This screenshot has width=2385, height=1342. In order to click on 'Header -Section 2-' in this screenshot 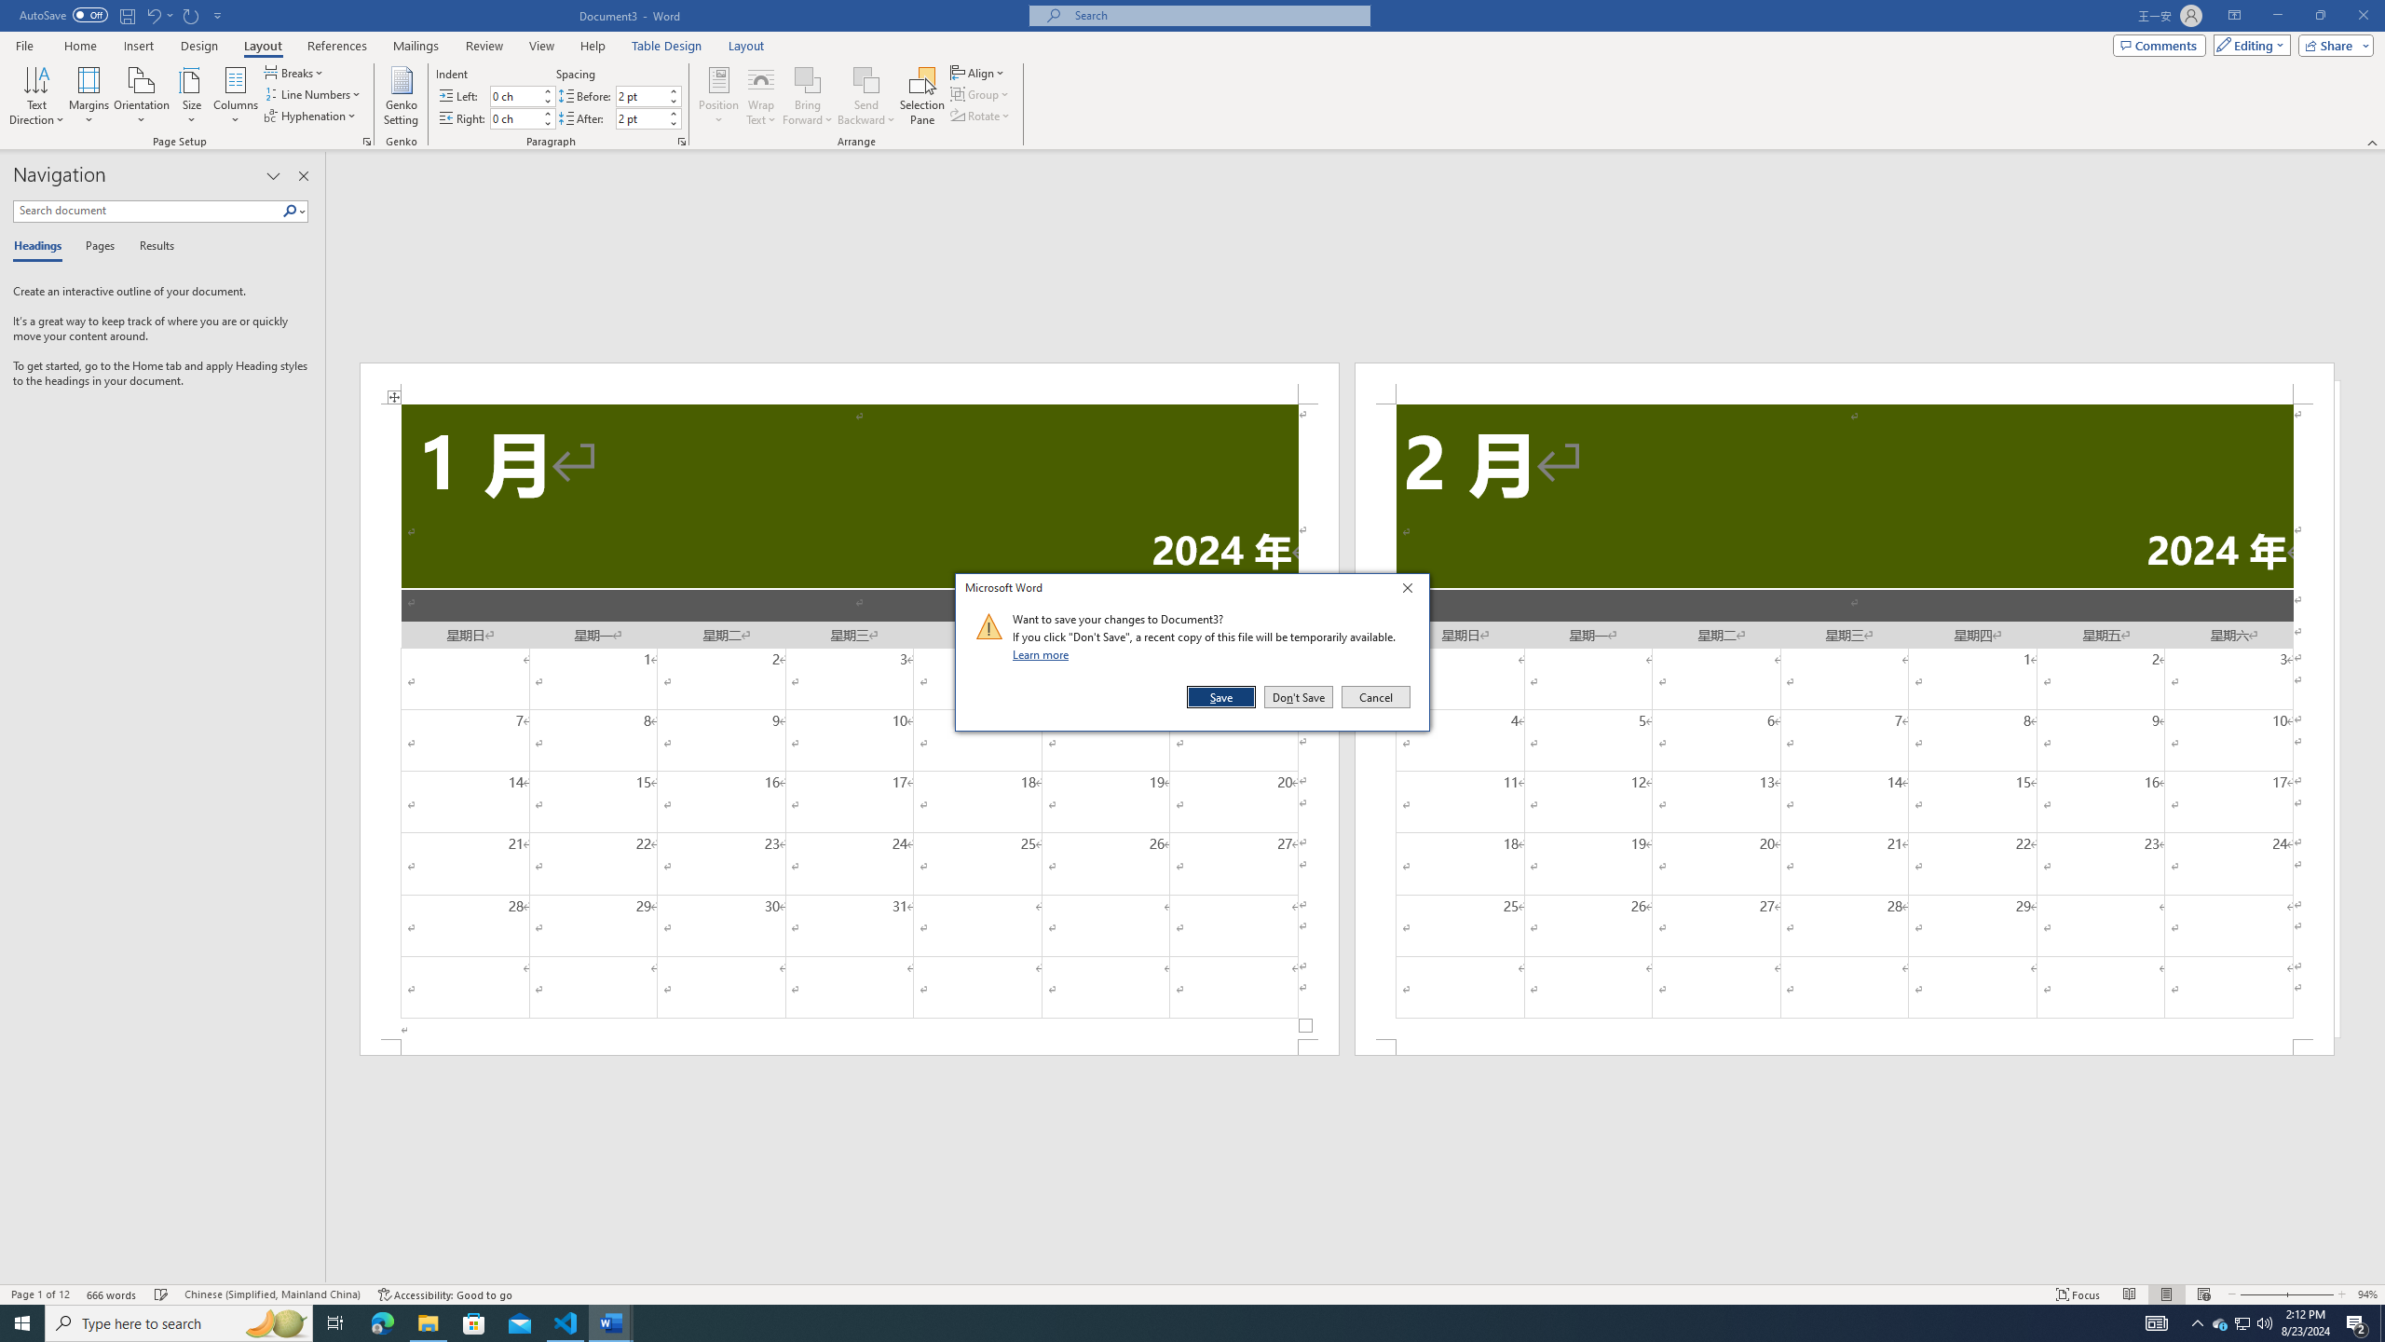, I will do `click(1845, 382)`.